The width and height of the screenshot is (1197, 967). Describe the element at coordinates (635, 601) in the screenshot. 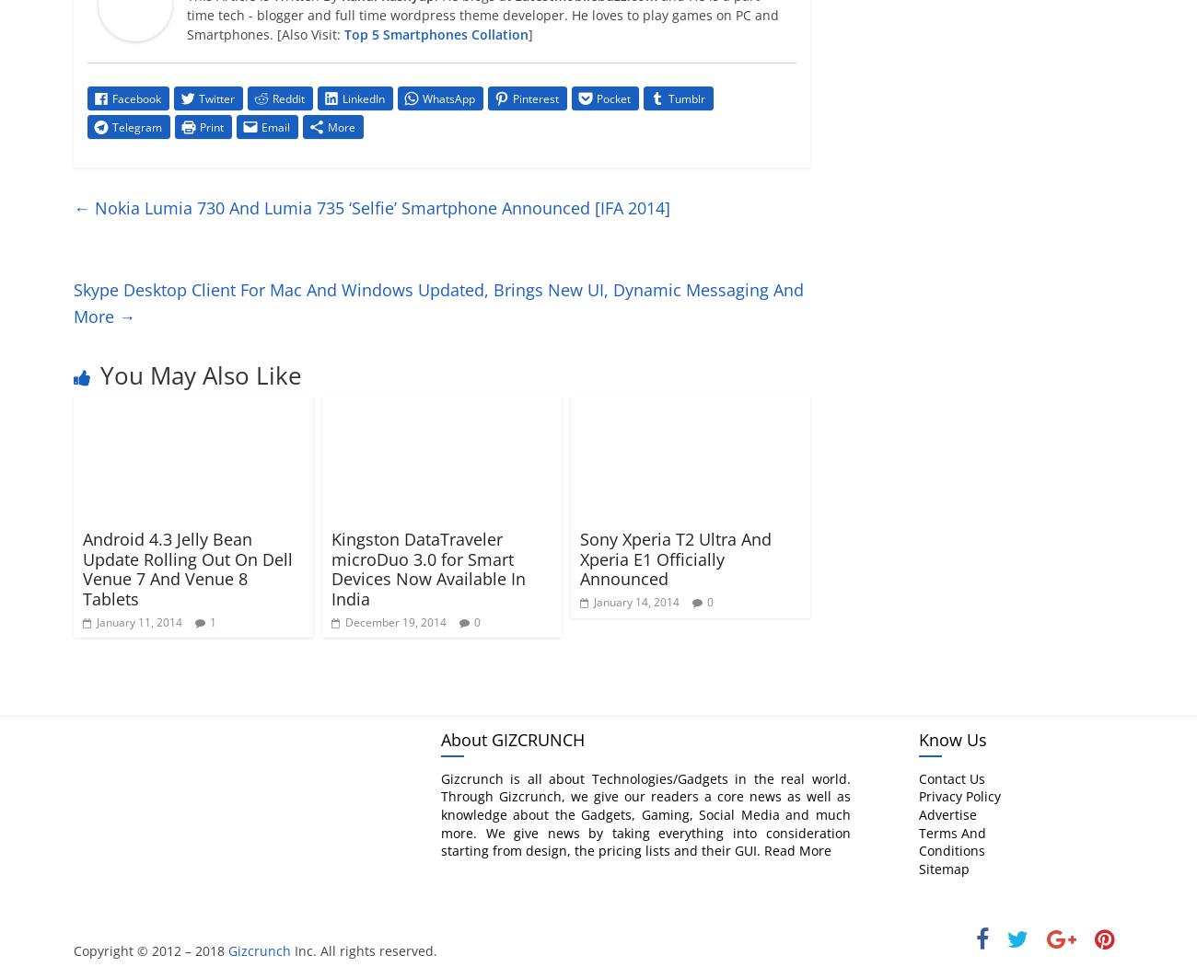

I see `'January 14, 2014'` at that location.